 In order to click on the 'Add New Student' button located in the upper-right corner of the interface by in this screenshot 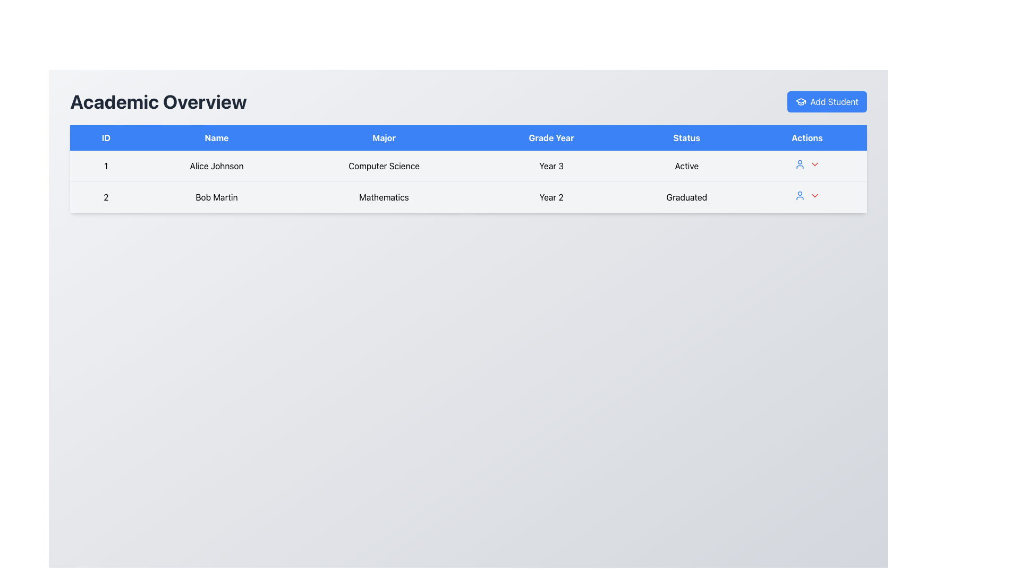, I will do `click(826, 102)`.